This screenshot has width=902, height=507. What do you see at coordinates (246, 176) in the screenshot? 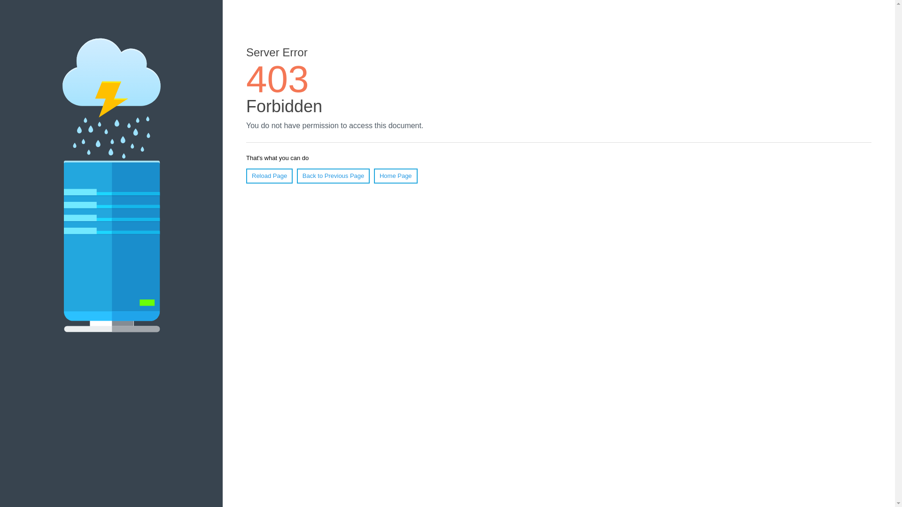
I see `'Reload Page'` at bounding box center [246, 176].